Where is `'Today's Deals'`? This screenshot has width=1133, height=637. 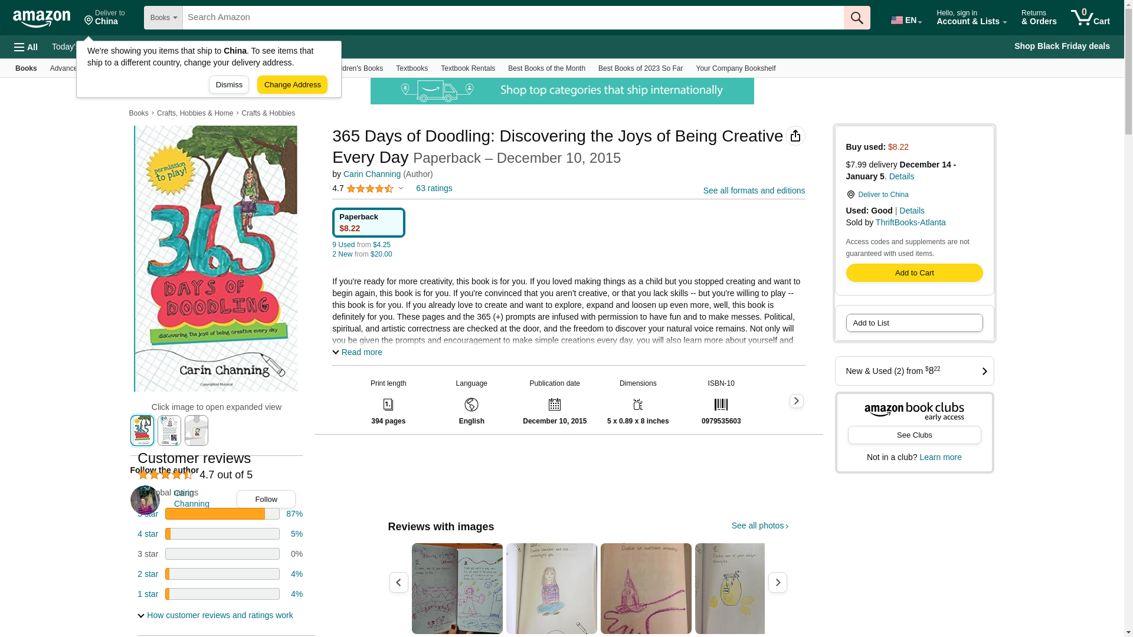 'Today's Deals' is located at coordinates (45, 45).